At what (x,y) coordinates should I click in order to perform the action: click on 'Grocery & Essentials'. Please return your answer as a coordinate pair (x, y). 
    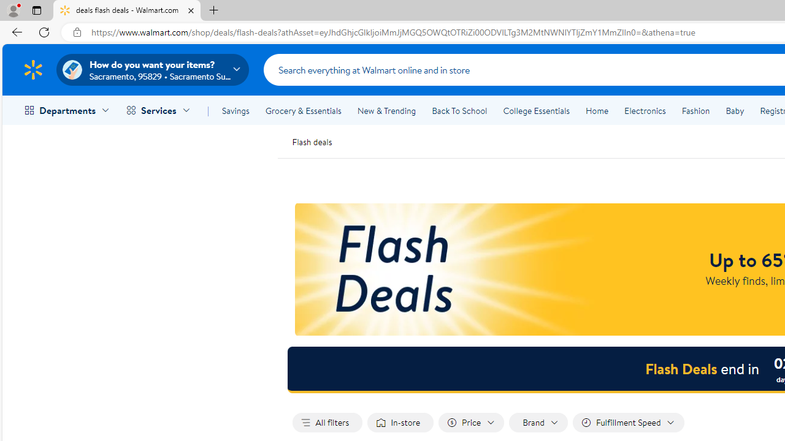
    Looking at the image, I should click on (303, 111).